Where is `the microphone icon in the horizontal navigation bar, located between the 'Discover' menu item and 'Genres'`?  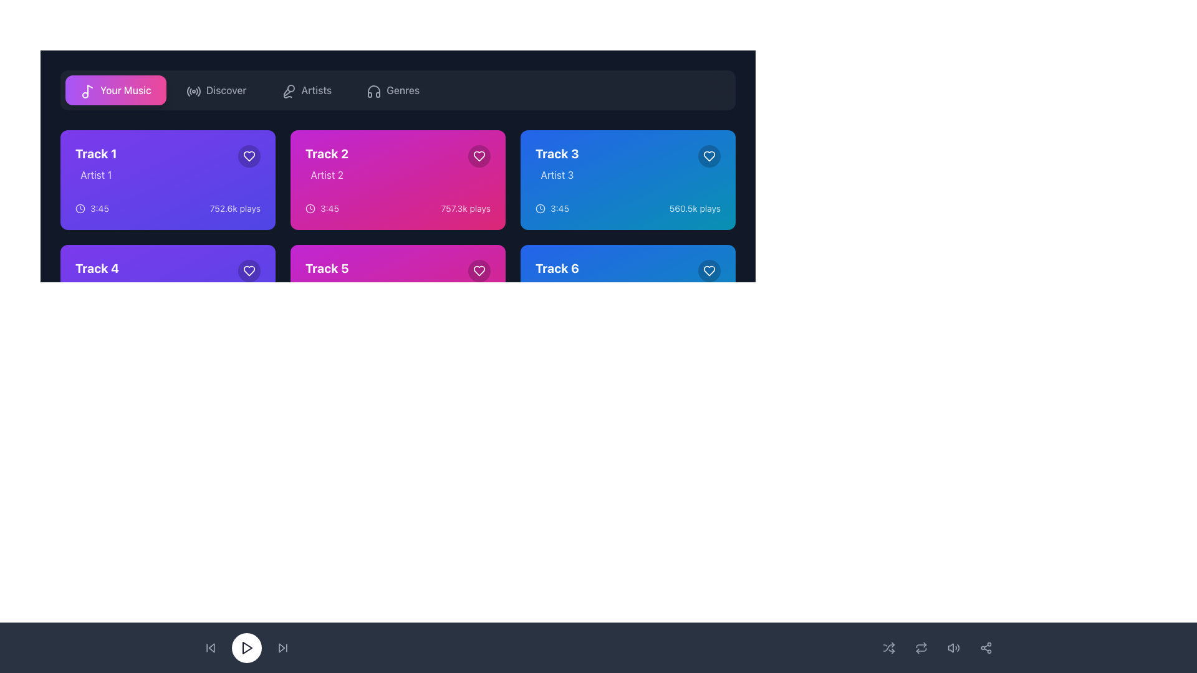
the microphone icon in the horizontal navigation bar, located between the 'Discover' menu item and 'Genres' is located at coordinates (288, 90).